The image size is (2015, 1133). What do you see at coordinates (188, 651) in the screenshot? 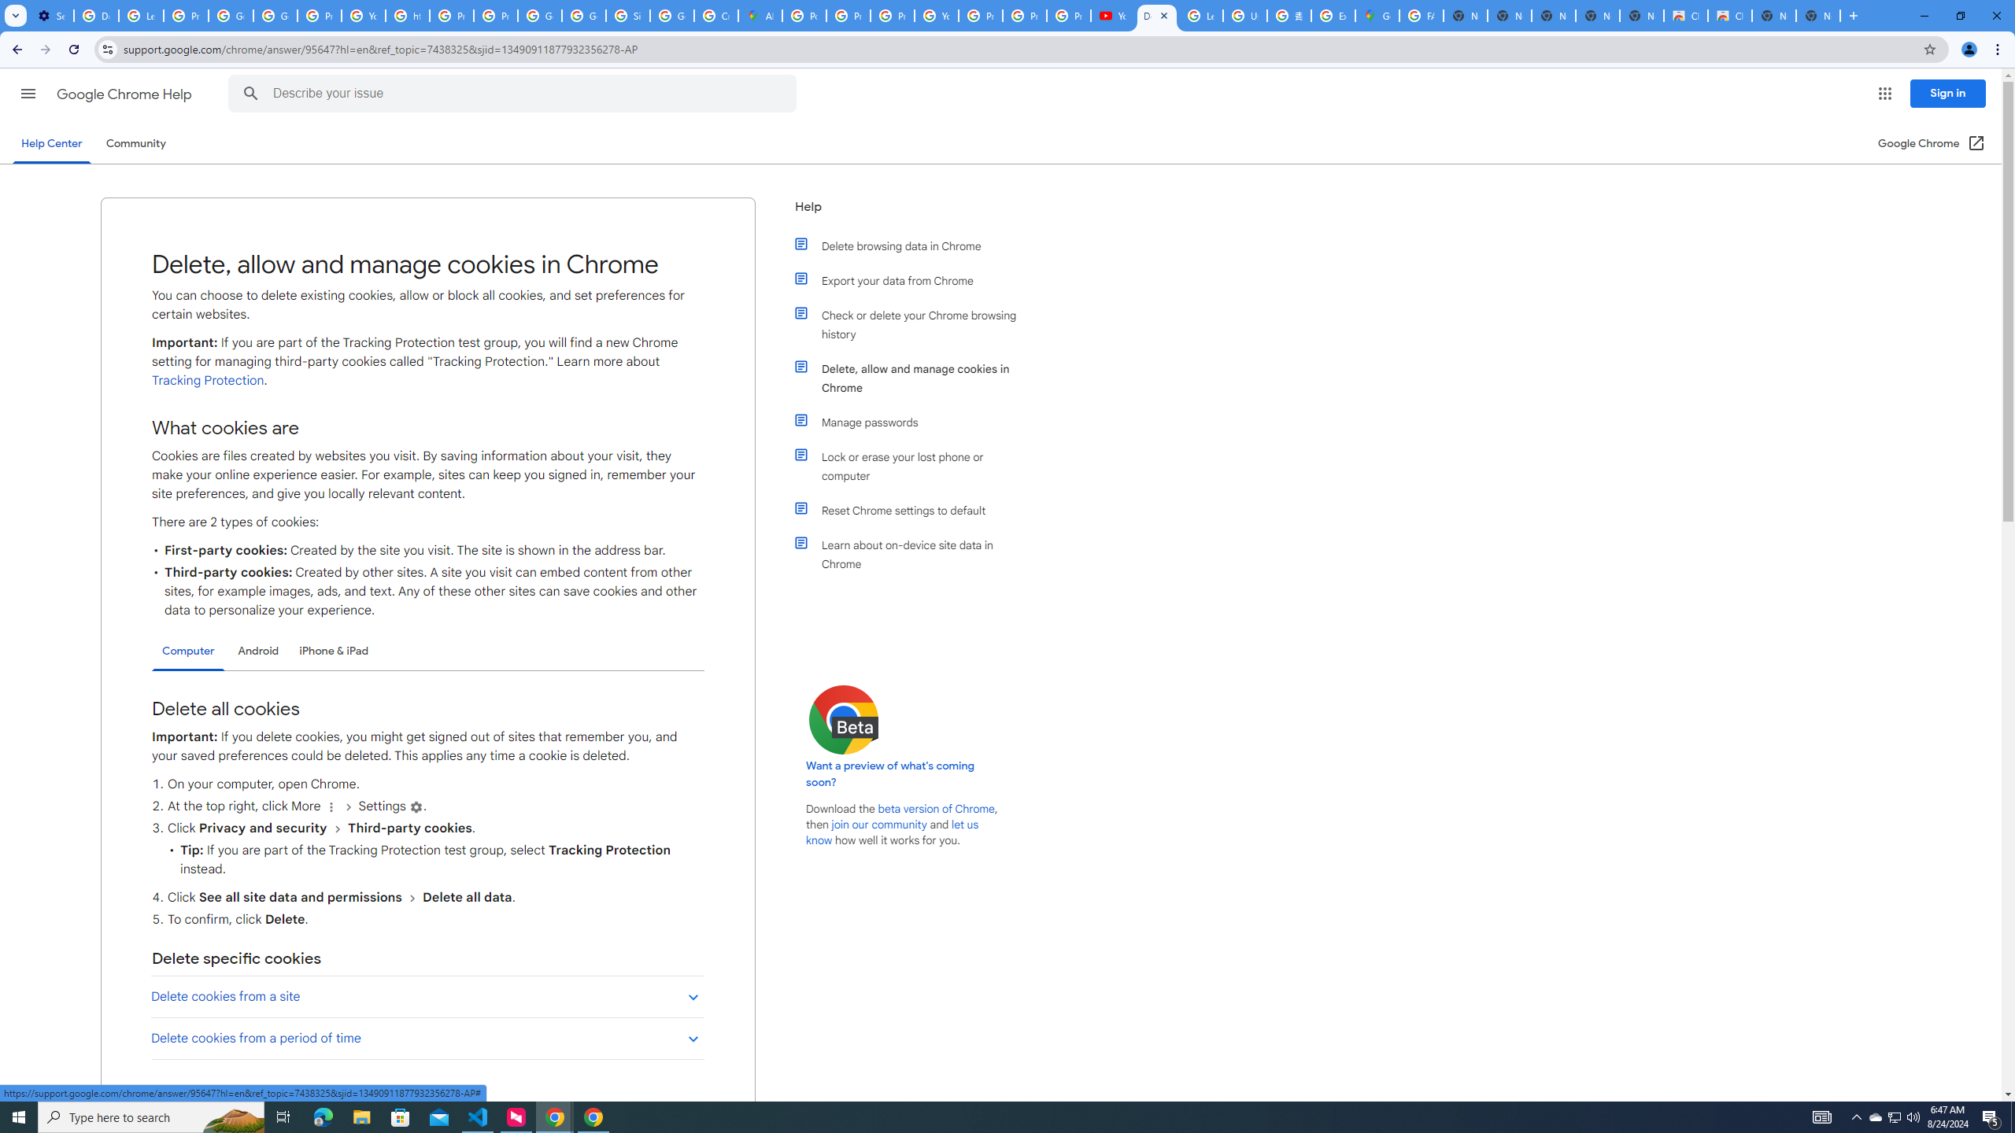
I see `'Computer'` at bounding box center [188, 651].